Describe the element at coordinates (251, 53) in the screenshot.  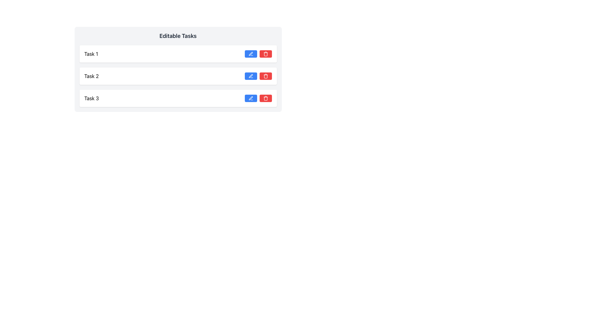
I see `the stylized pen icon located in the first task row to initiate edit mode for the task` at that location.